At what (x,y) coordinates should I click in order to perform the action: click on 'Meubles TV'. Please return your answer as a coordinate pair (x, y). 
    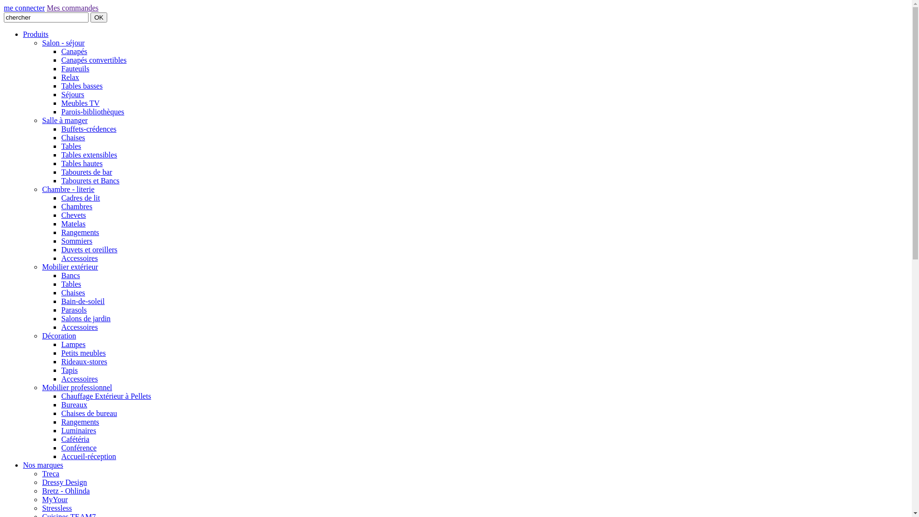
    Looking at the image, I should click on (80, 103).